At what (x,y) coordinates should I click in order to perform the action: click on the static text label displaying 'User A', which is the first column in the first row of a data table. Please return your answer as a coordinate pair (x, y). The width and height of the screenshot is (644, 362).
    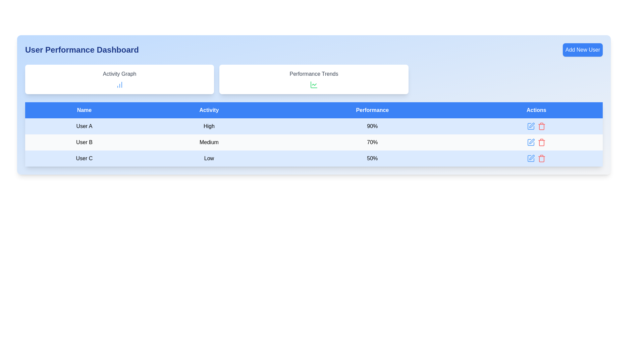
    Looking at the image, I should click on (84, 126).